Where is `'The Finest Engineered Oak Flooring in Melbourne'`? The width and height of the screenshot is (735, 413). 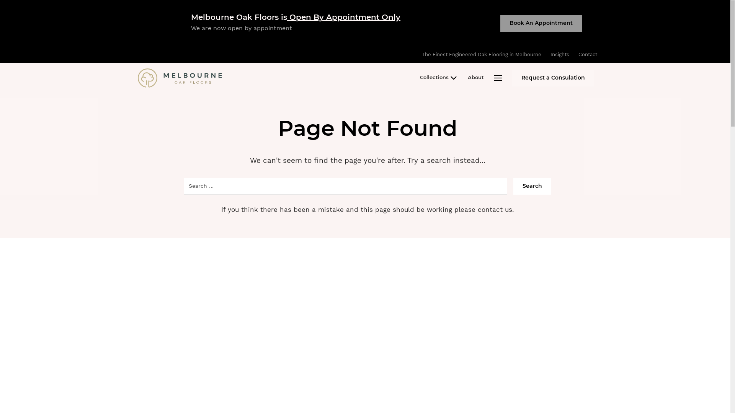
'The Finest Engineered Oak Flooring in Melbourne' is located at coordinates (481, 54).